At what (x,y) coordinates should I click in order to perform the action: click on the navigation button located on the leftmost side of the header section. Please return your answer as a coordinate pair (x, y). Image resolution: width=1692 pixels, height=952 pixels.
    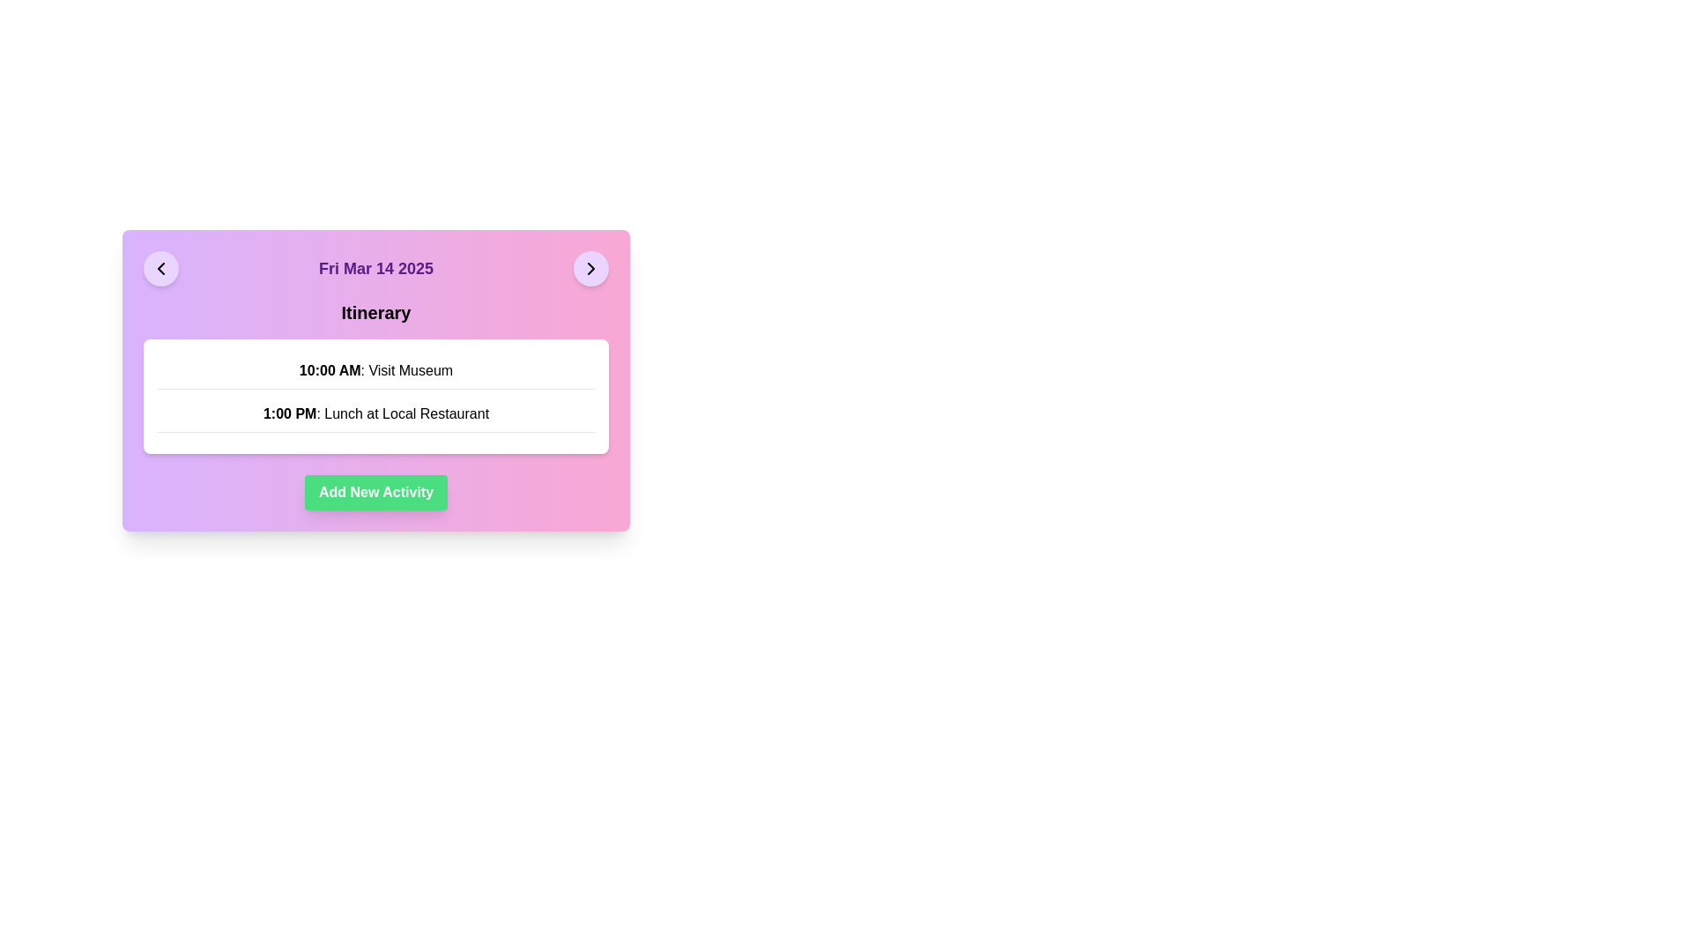
    Looking at the image, I should click on (160, 268).